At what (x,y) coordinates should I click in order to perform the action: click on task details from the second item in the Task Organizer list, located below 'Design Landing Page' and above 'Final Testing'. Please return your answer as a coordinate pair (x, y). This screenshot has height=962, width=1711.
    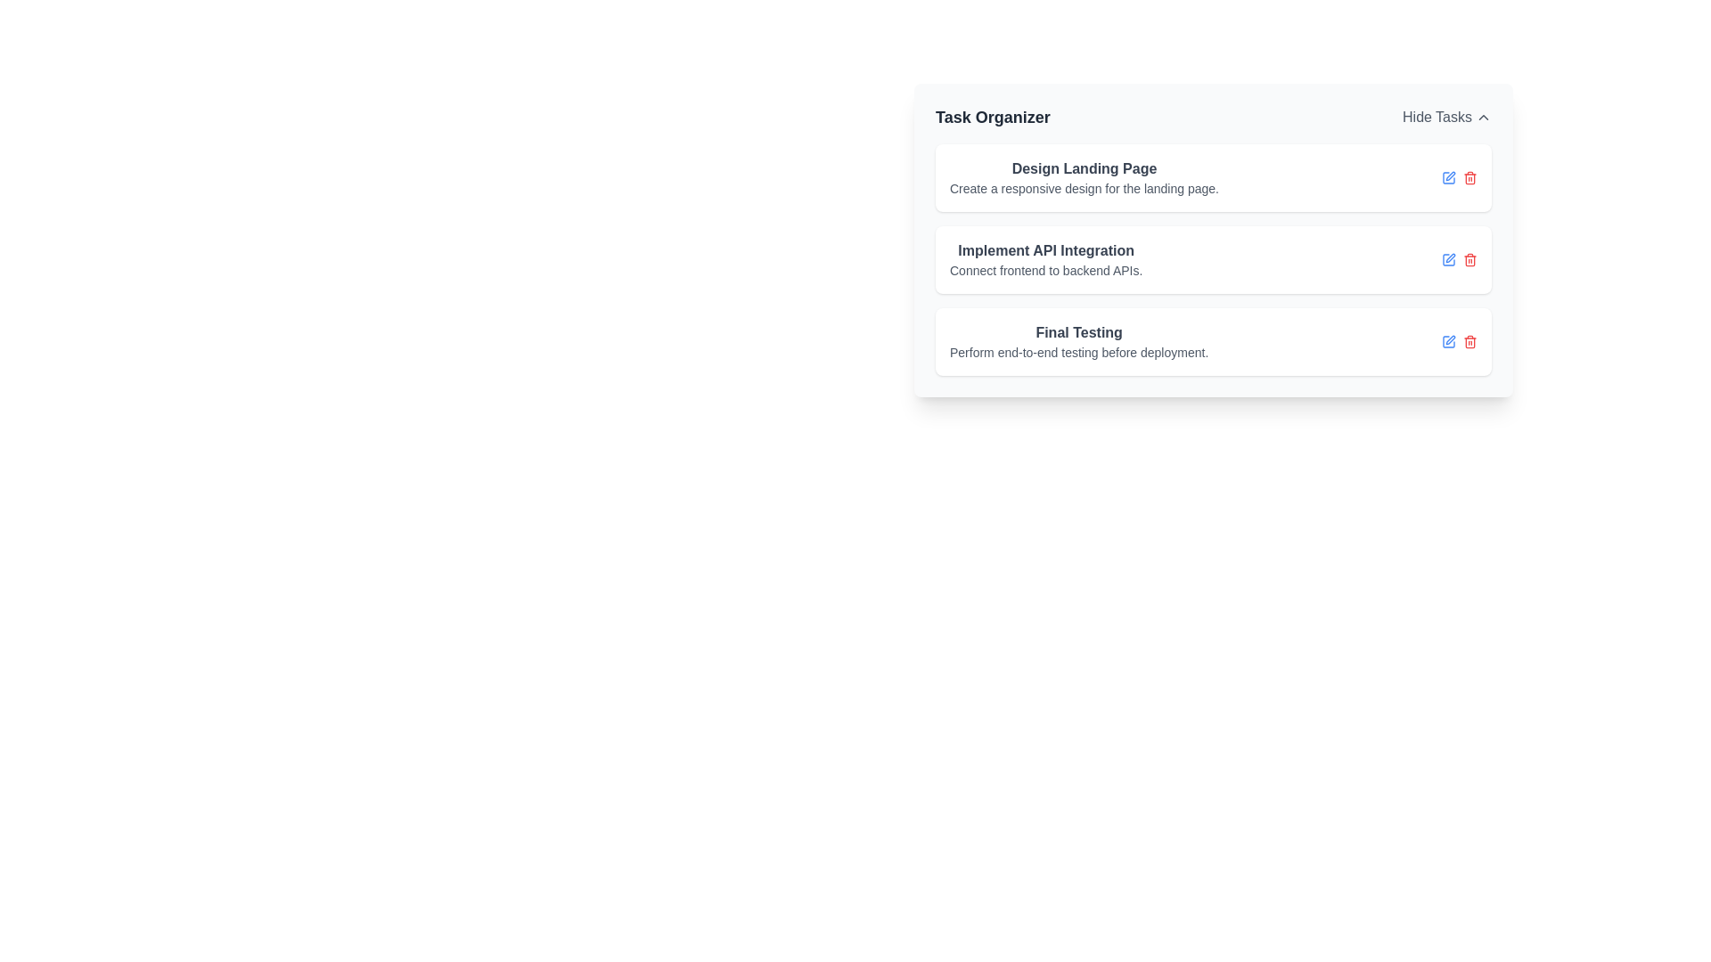
    Looking at the image, I should click on (1213, 260).